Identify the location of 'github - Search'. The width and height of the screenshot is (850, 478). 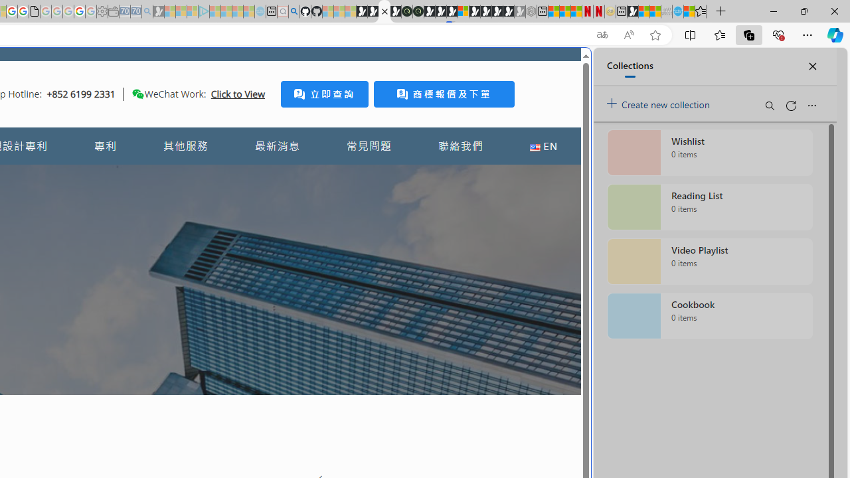
(293, 11).